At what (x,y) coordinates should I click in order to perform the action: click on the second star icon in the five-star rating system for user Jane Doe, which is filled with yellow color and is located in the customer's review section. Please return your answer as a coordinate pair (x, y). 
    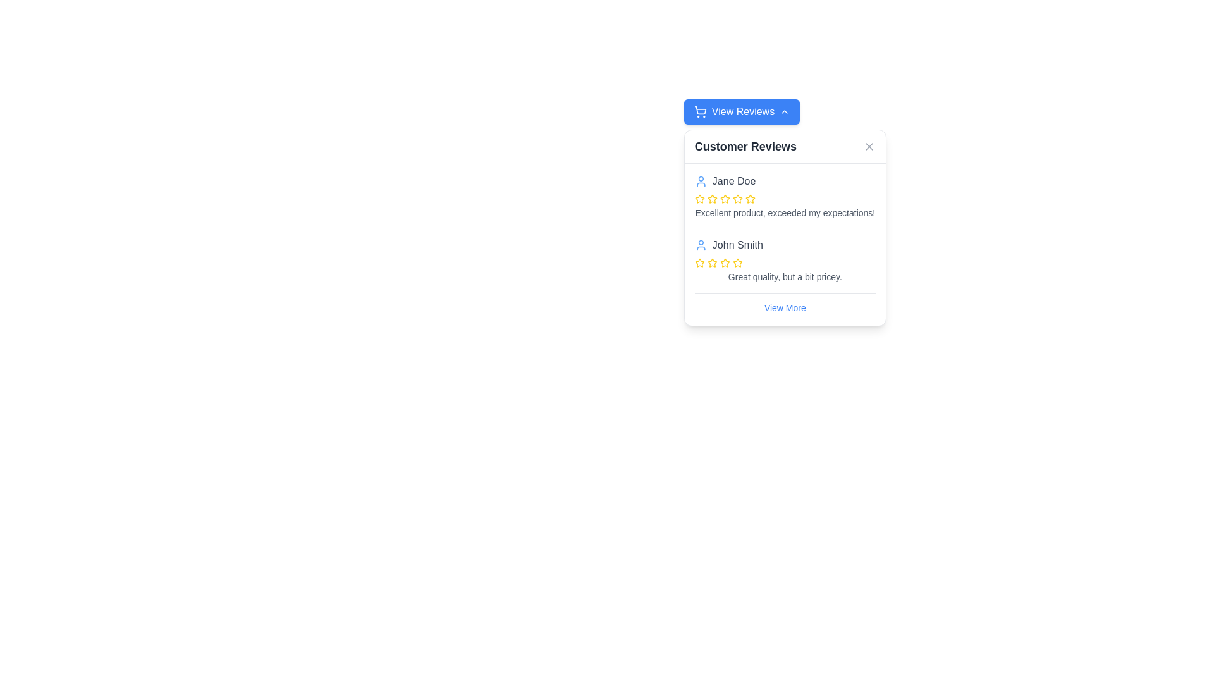
    Looking at the image, I should click on (712, 199).